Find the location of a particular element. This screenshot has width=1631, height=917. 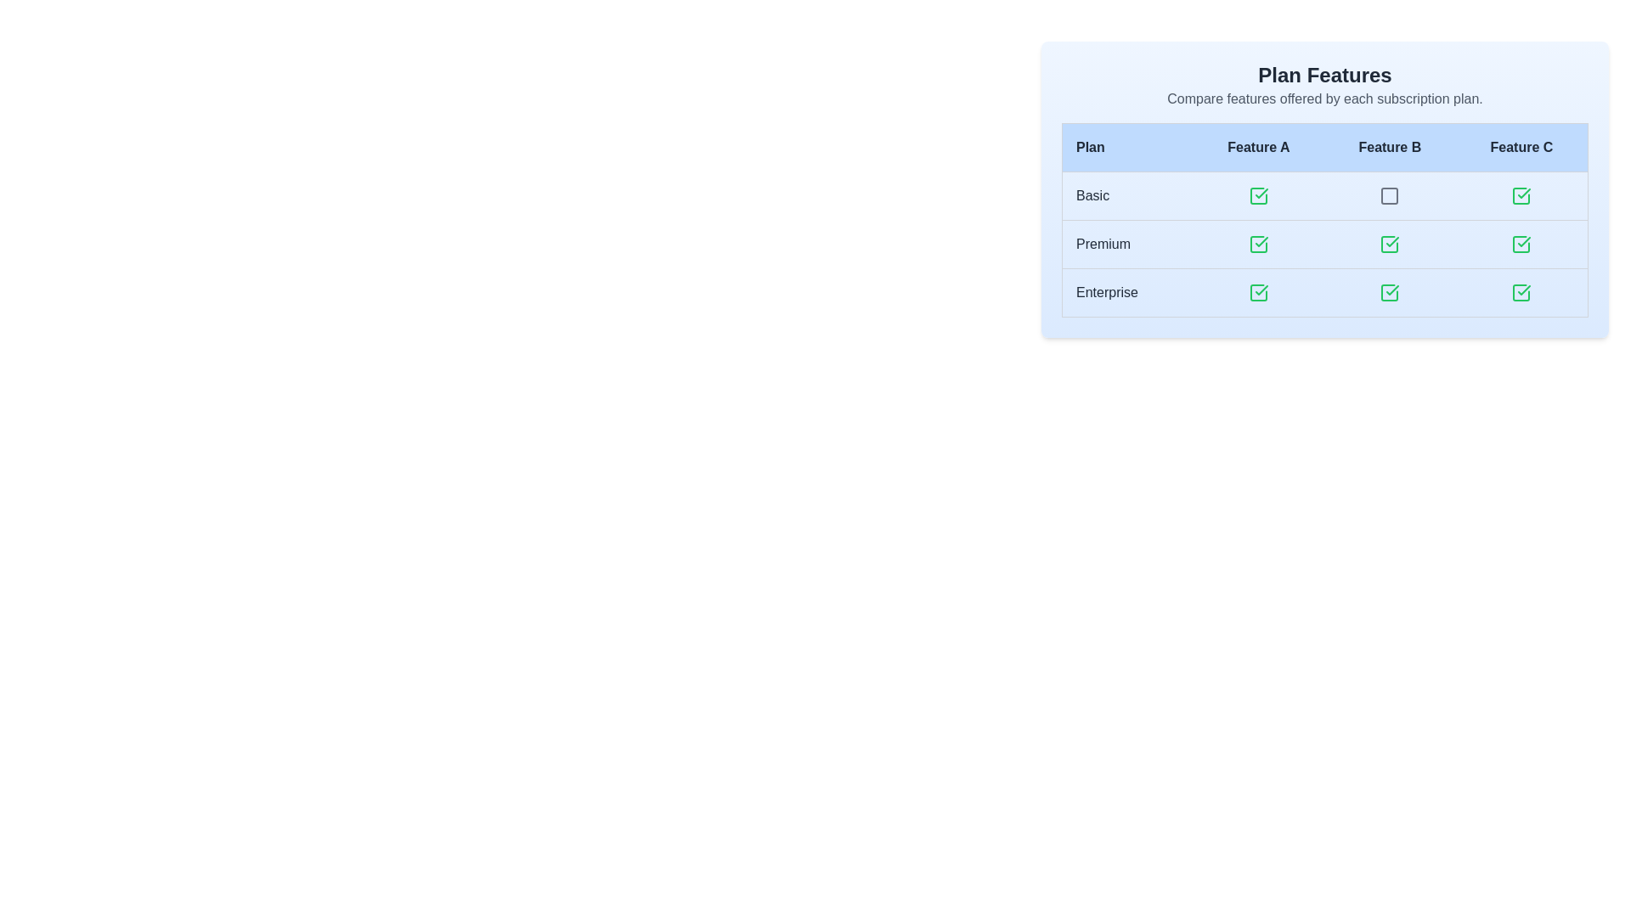

the state of the Icon representing Feature B availability in the Enterprise plan, located at the center of the table cell in the 'Enterprise' row and 'Feature B' column is located at coordinates (1392, 290).